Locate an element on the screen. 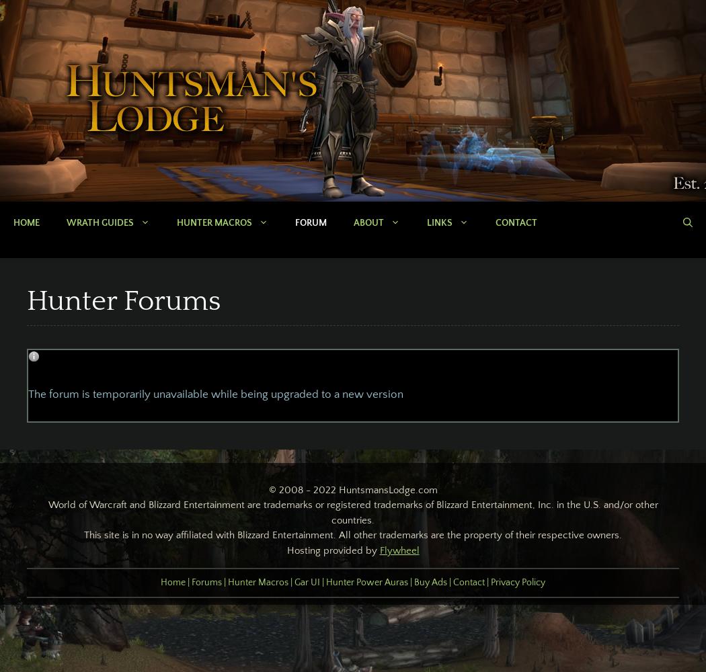 The width and height of the screenshot is (706, 672). 'Gar UI' is located at coordinates (307, 582).